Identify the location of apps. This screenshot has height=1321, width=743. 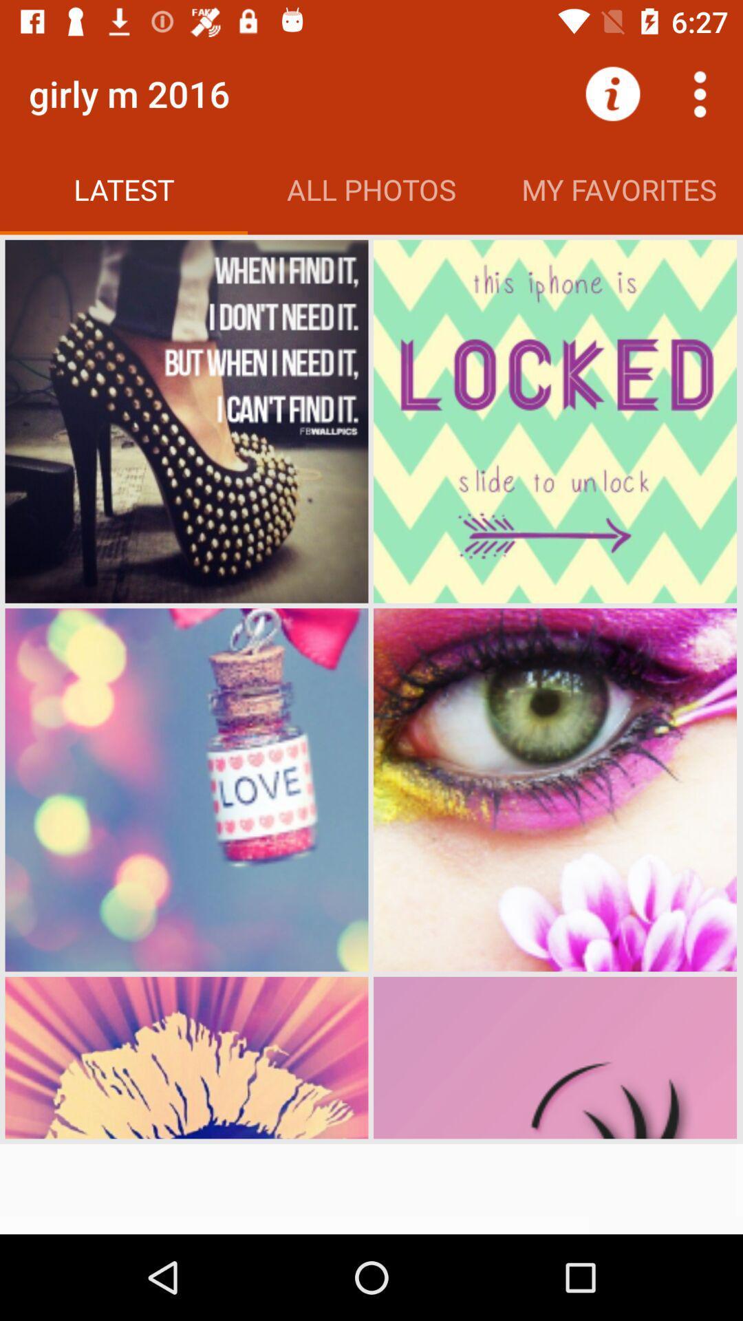
(700, 93).